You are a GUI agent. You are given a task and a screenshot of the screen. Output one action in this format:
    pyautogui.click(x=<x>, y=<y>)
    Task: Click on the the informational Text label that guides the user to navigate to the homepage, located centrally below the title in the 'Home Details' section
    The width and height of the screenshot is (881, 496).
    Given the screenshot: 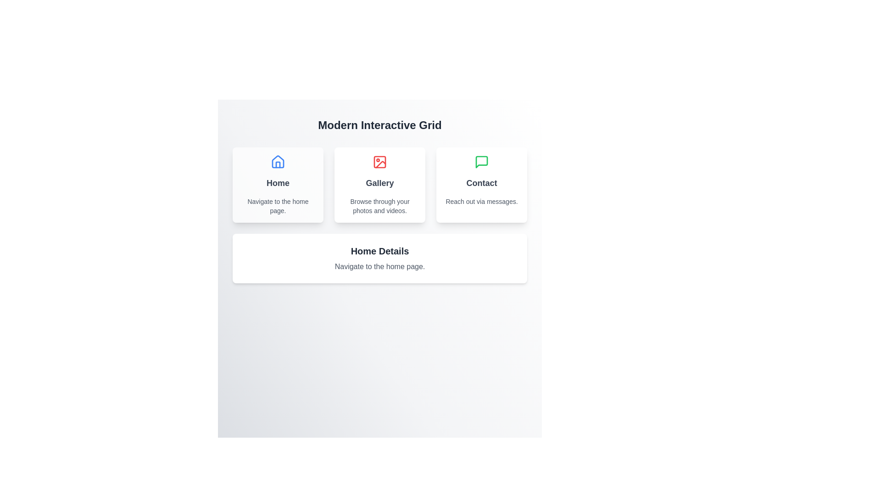 What is the action you would take?
    pyautogui.click(x=380, y=267)
    